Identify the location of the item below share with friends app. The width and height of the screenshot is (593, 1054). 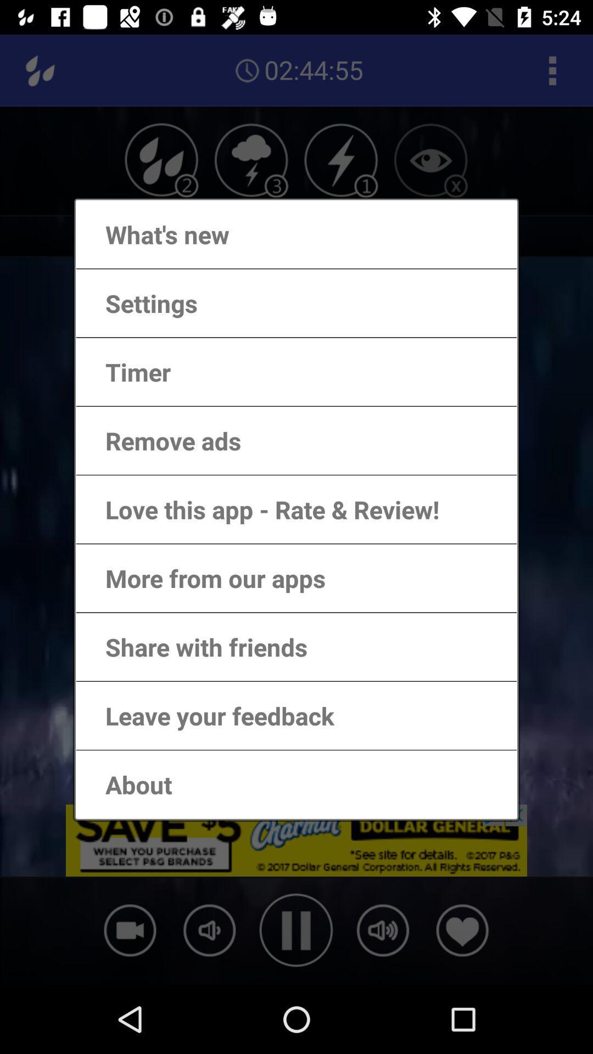
(209, 715).